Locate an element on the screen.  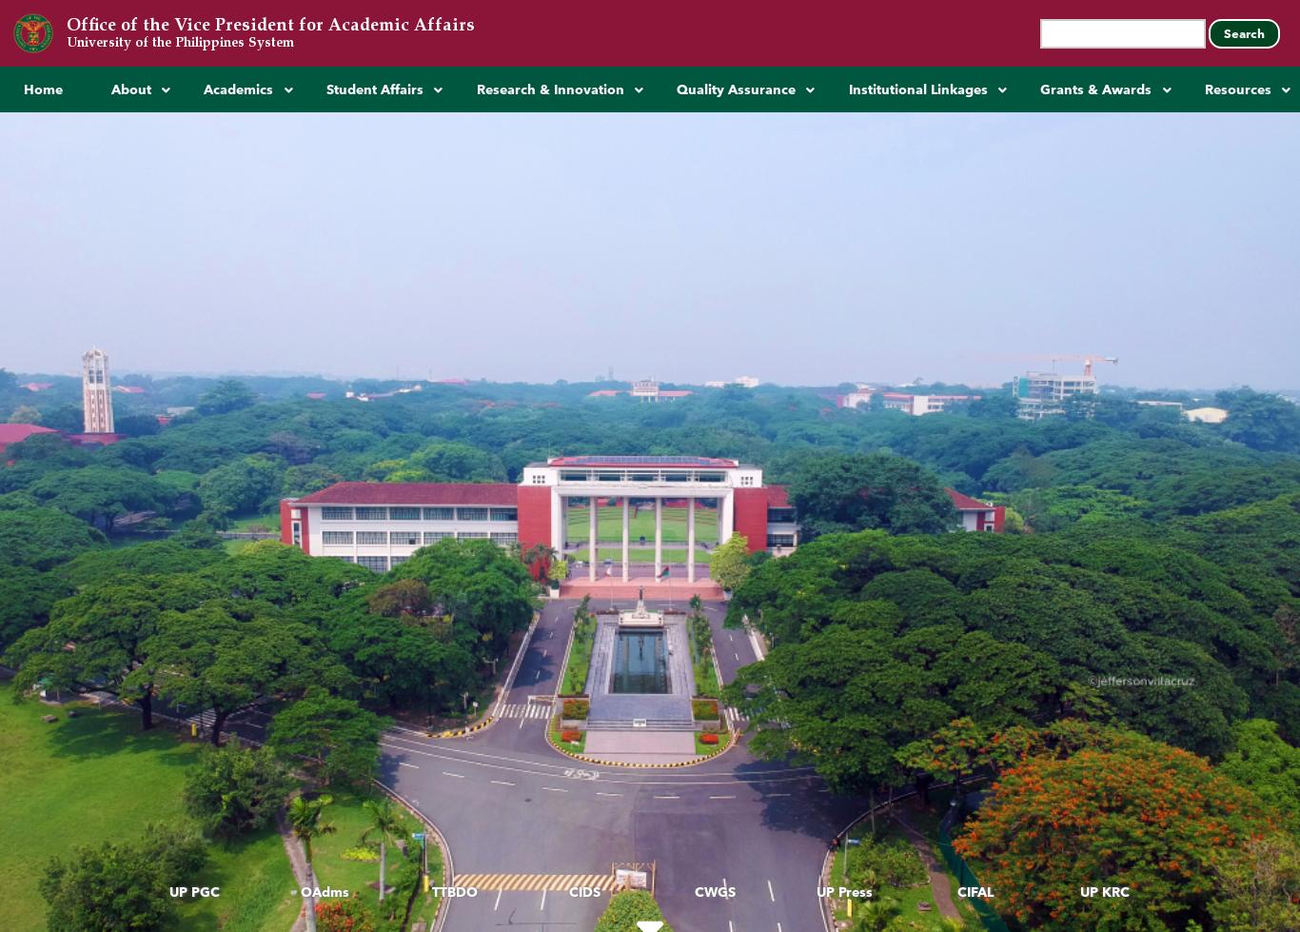
'Emerging Interdisciplinary Research' is located at coordinates (589, 136).